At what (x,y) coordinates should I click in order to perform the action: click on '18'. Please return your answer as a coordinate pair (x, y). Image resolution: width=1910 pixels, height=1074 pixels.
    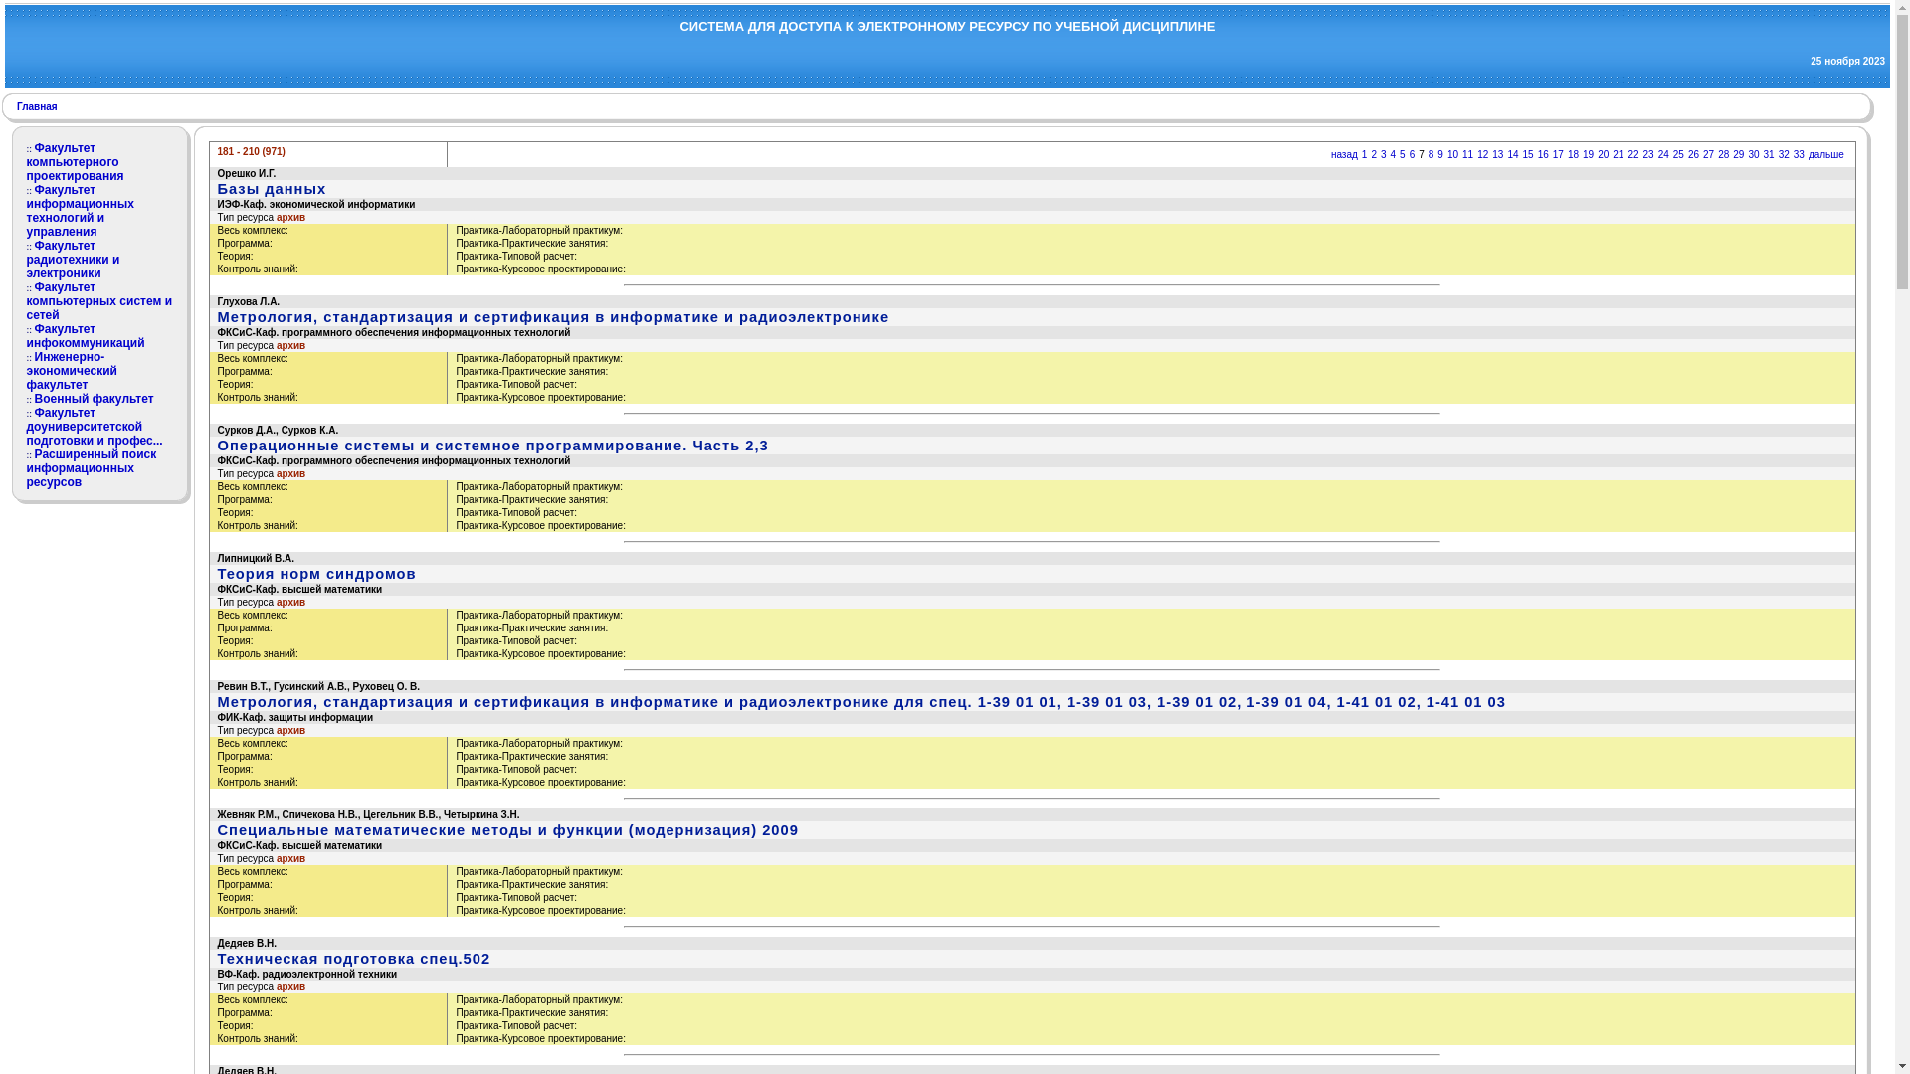
    Looking at the image, I should click on (1572, 153).